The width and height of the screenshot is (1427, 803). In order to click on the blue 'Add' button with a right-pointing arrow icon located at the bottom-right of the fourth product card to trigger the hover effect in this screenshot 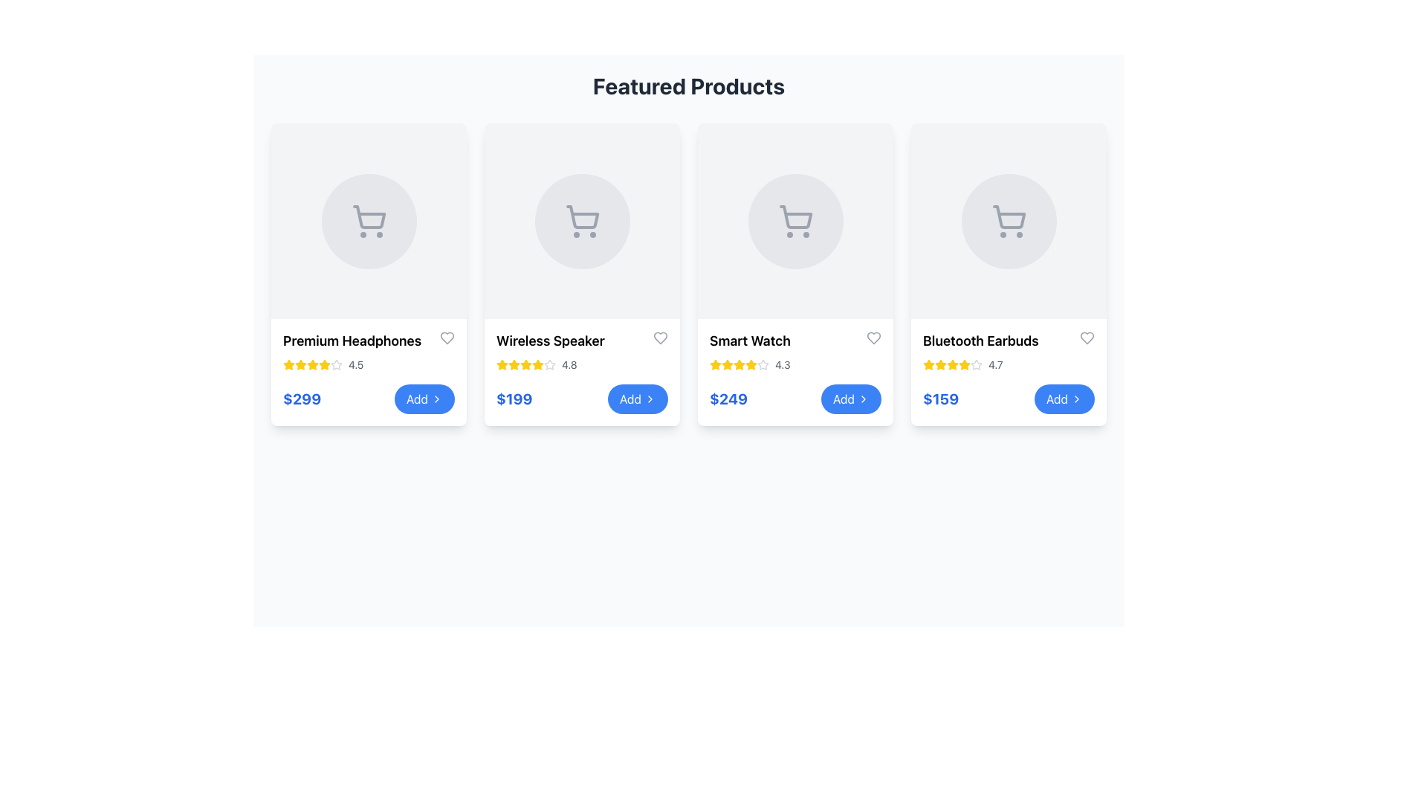, I will do `click(1064, 398)`.